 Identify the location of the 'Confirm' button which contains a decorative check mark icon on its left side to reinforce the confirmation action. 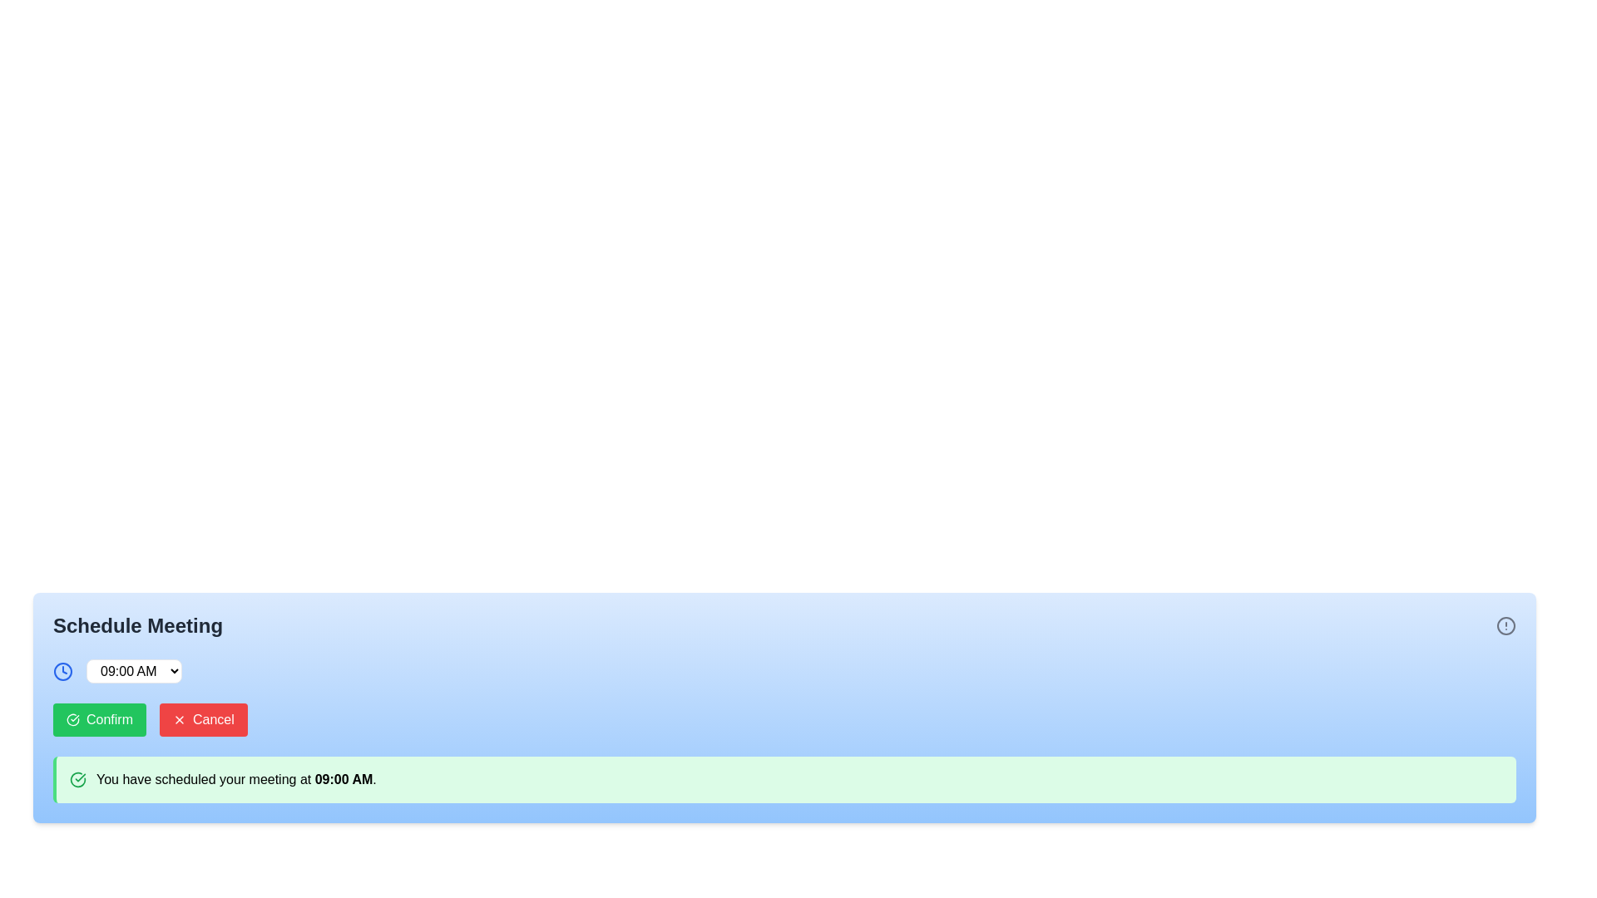
(72, 719).